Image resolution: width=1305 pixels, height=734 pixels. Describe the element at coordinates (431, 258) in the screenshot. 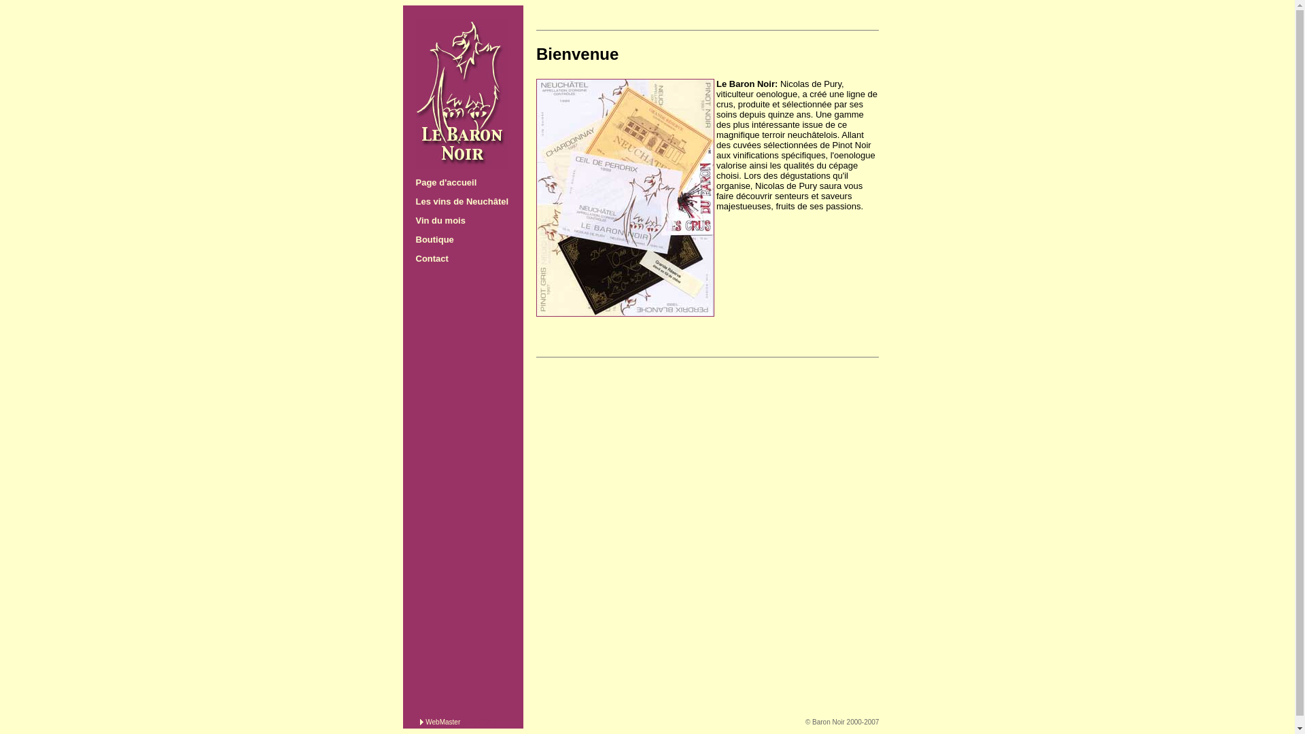

I see `'Contact'` at that location.